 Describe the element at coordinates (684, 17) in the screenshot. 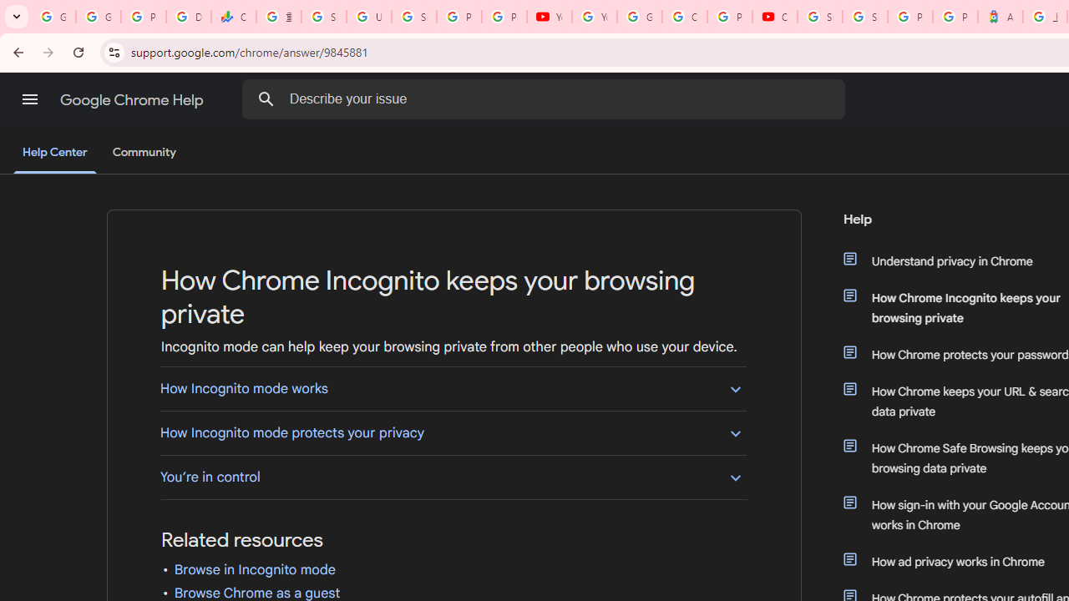

I see `'Create your Google Account'` at that location.